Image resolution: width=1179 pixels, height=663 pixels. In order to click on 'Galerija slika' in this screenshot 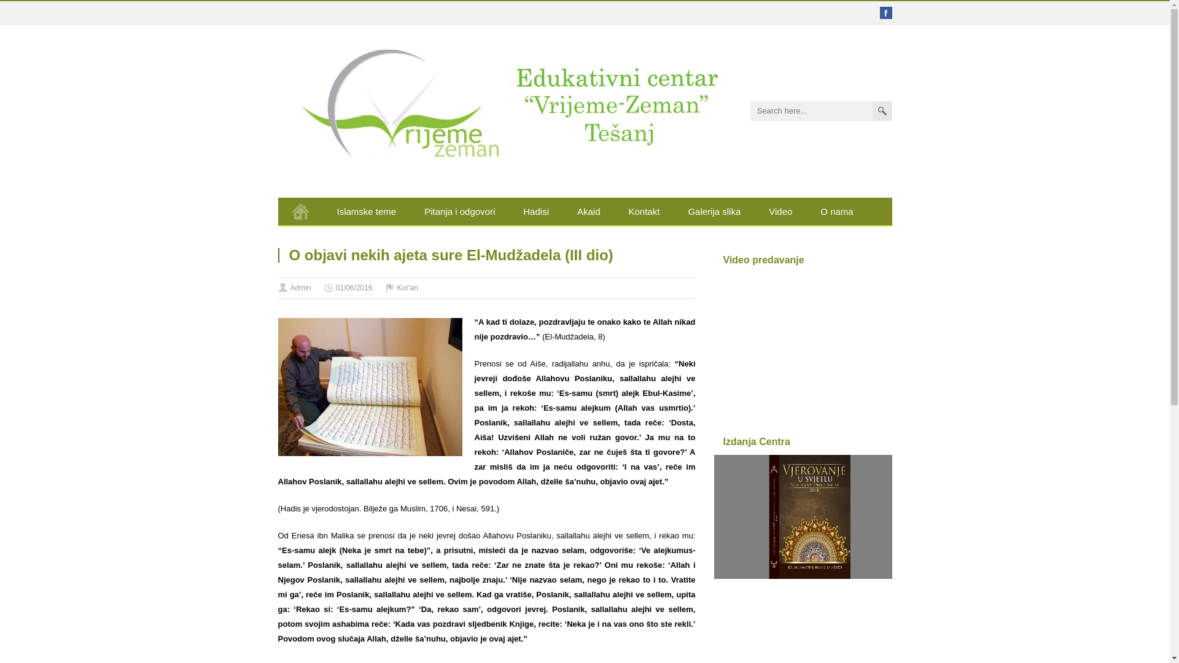, I will do `click(714, 211)`.